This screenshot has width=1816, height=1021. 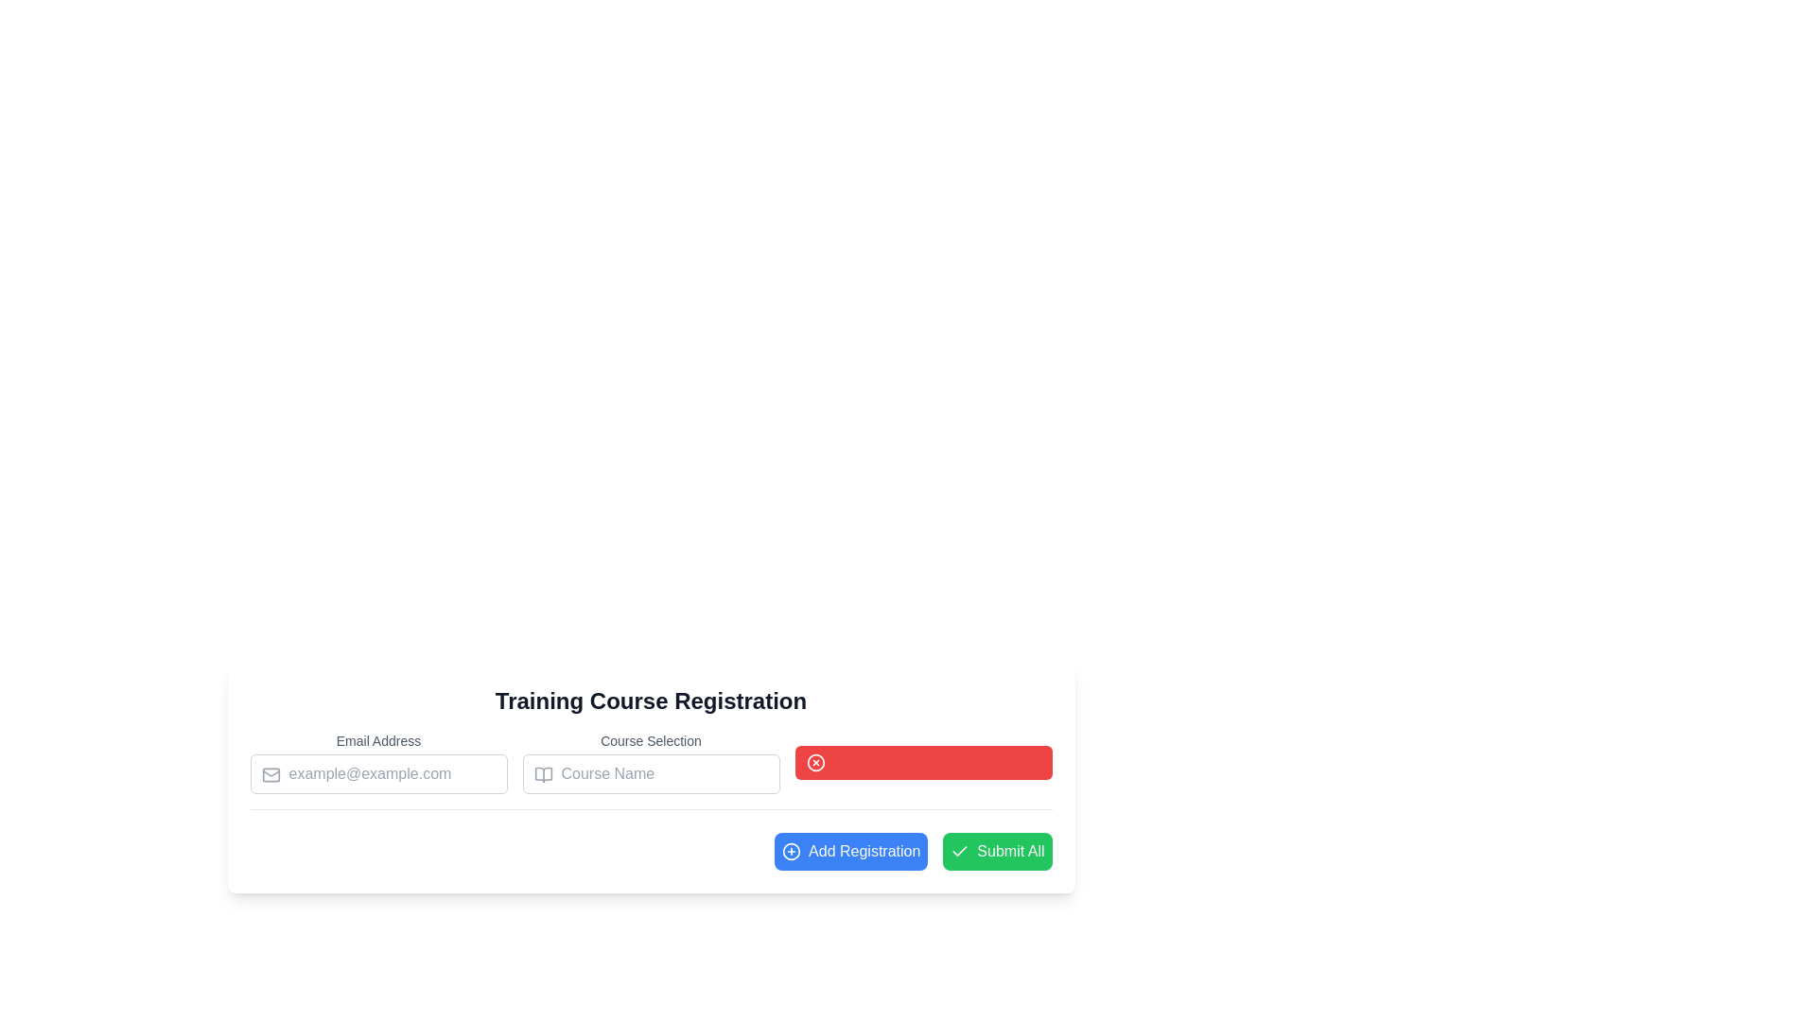 What do you see at coordinates (378, 773) in the screenshot?
I see `the email input field located under the label 'Email Address' in the 'Training Course Registration' form to focus on it` at bounding box center [378, 773].